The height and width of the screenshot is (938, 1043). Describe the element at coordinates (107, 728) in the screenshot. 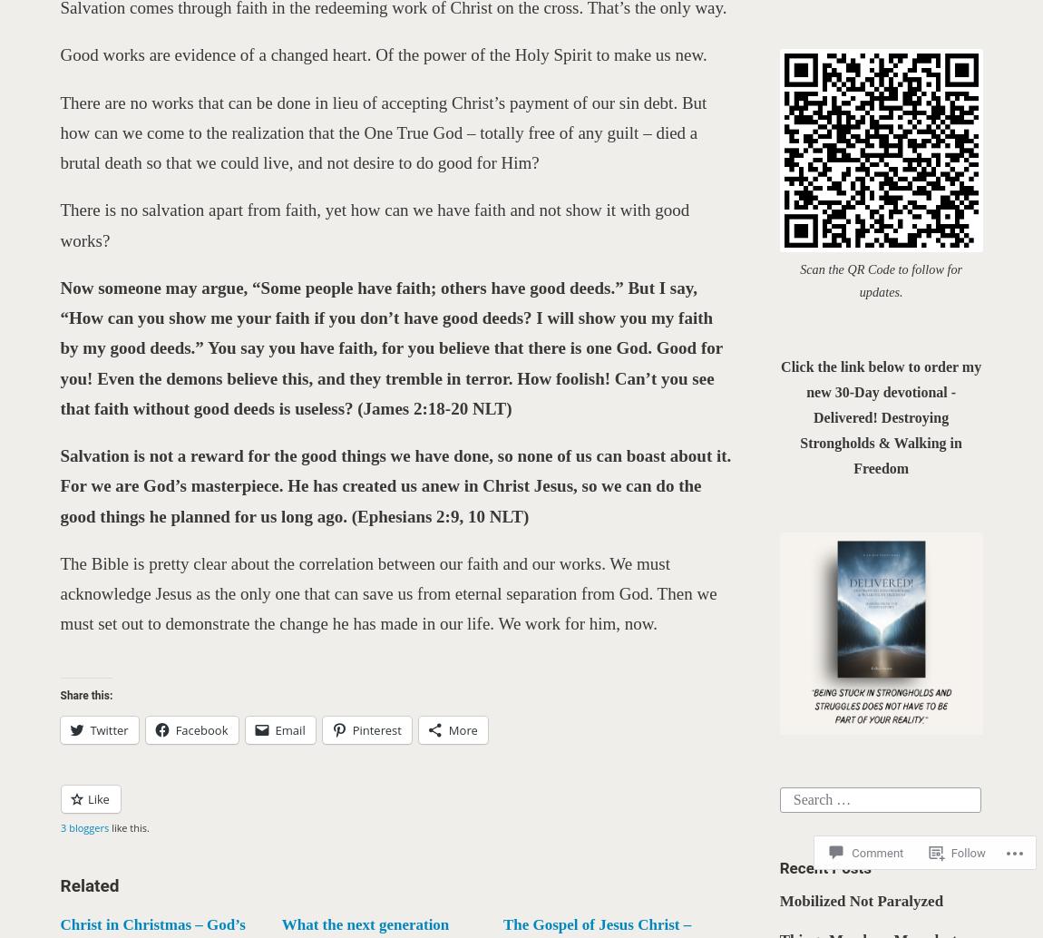

I see `'Twitter'` at that location.